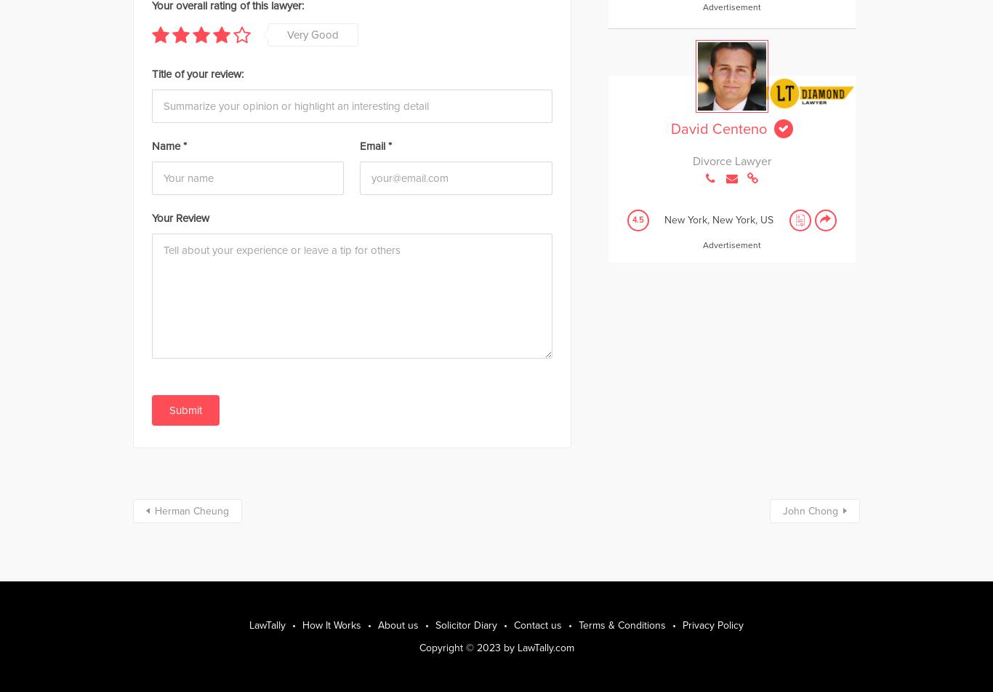 The height and width of the screenshot is (692, 993). I want to click on 'LawTally', so click(267, 624).